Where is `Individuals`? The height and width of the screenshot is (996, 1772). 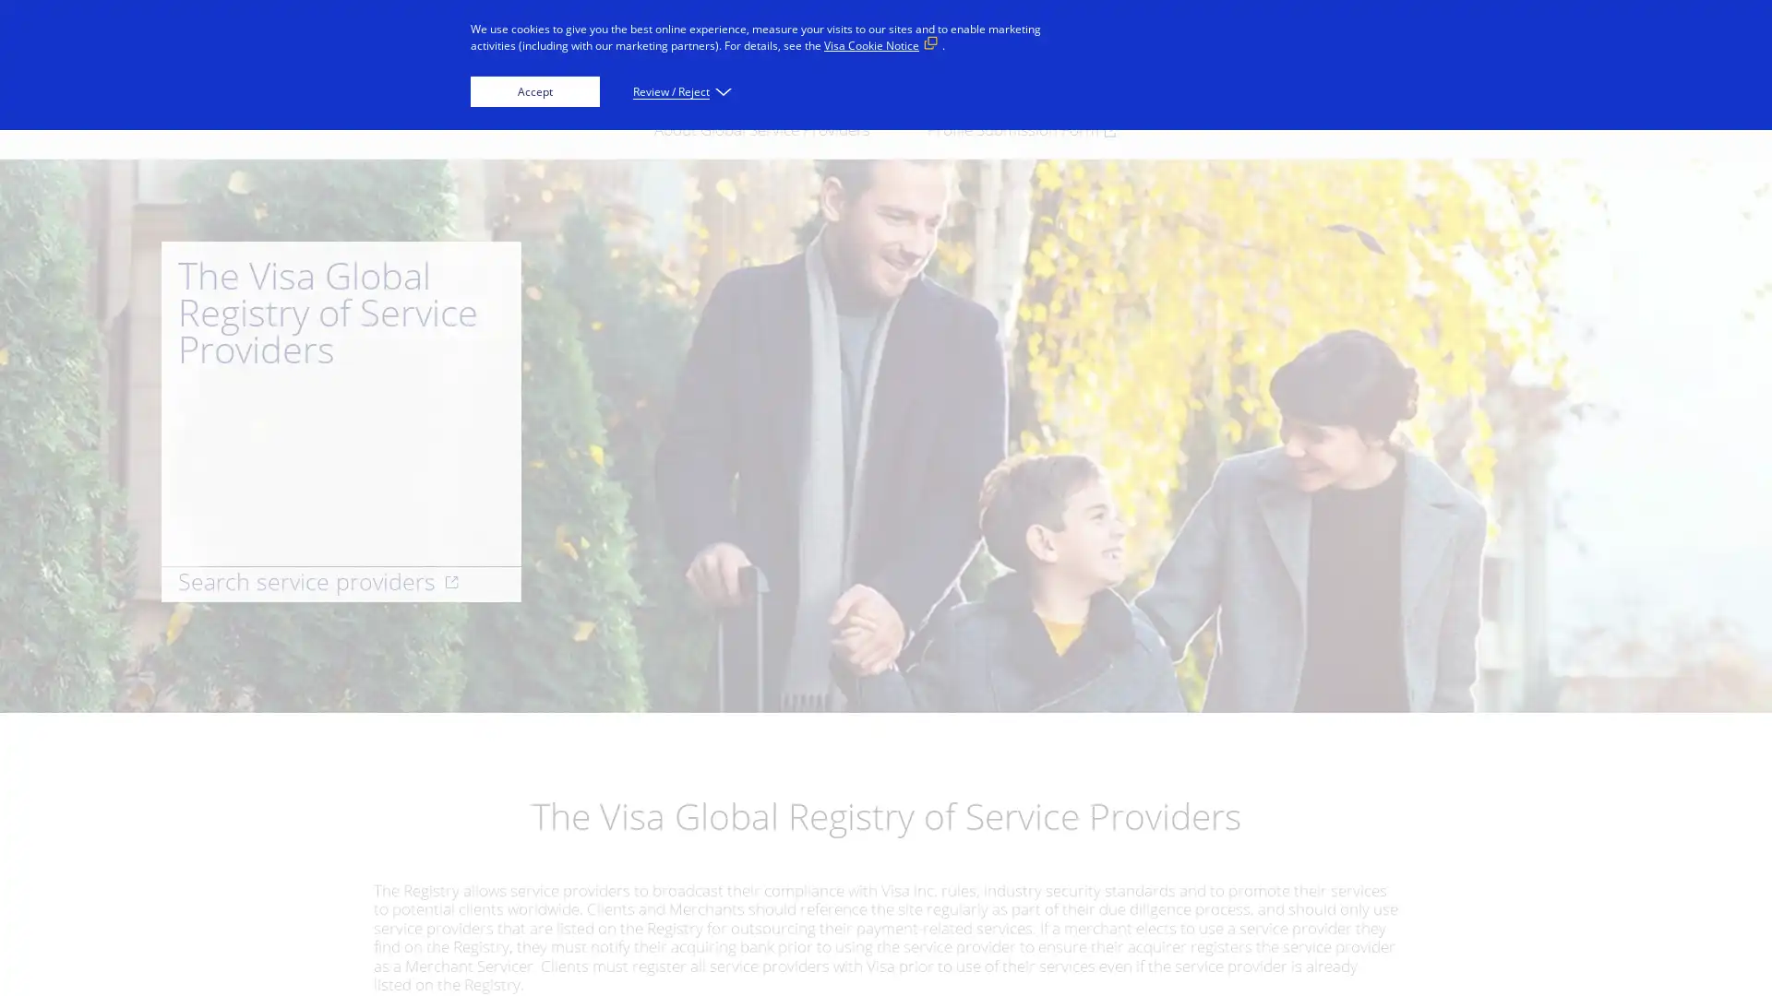
Individuals is located at coordinates (735, 49).